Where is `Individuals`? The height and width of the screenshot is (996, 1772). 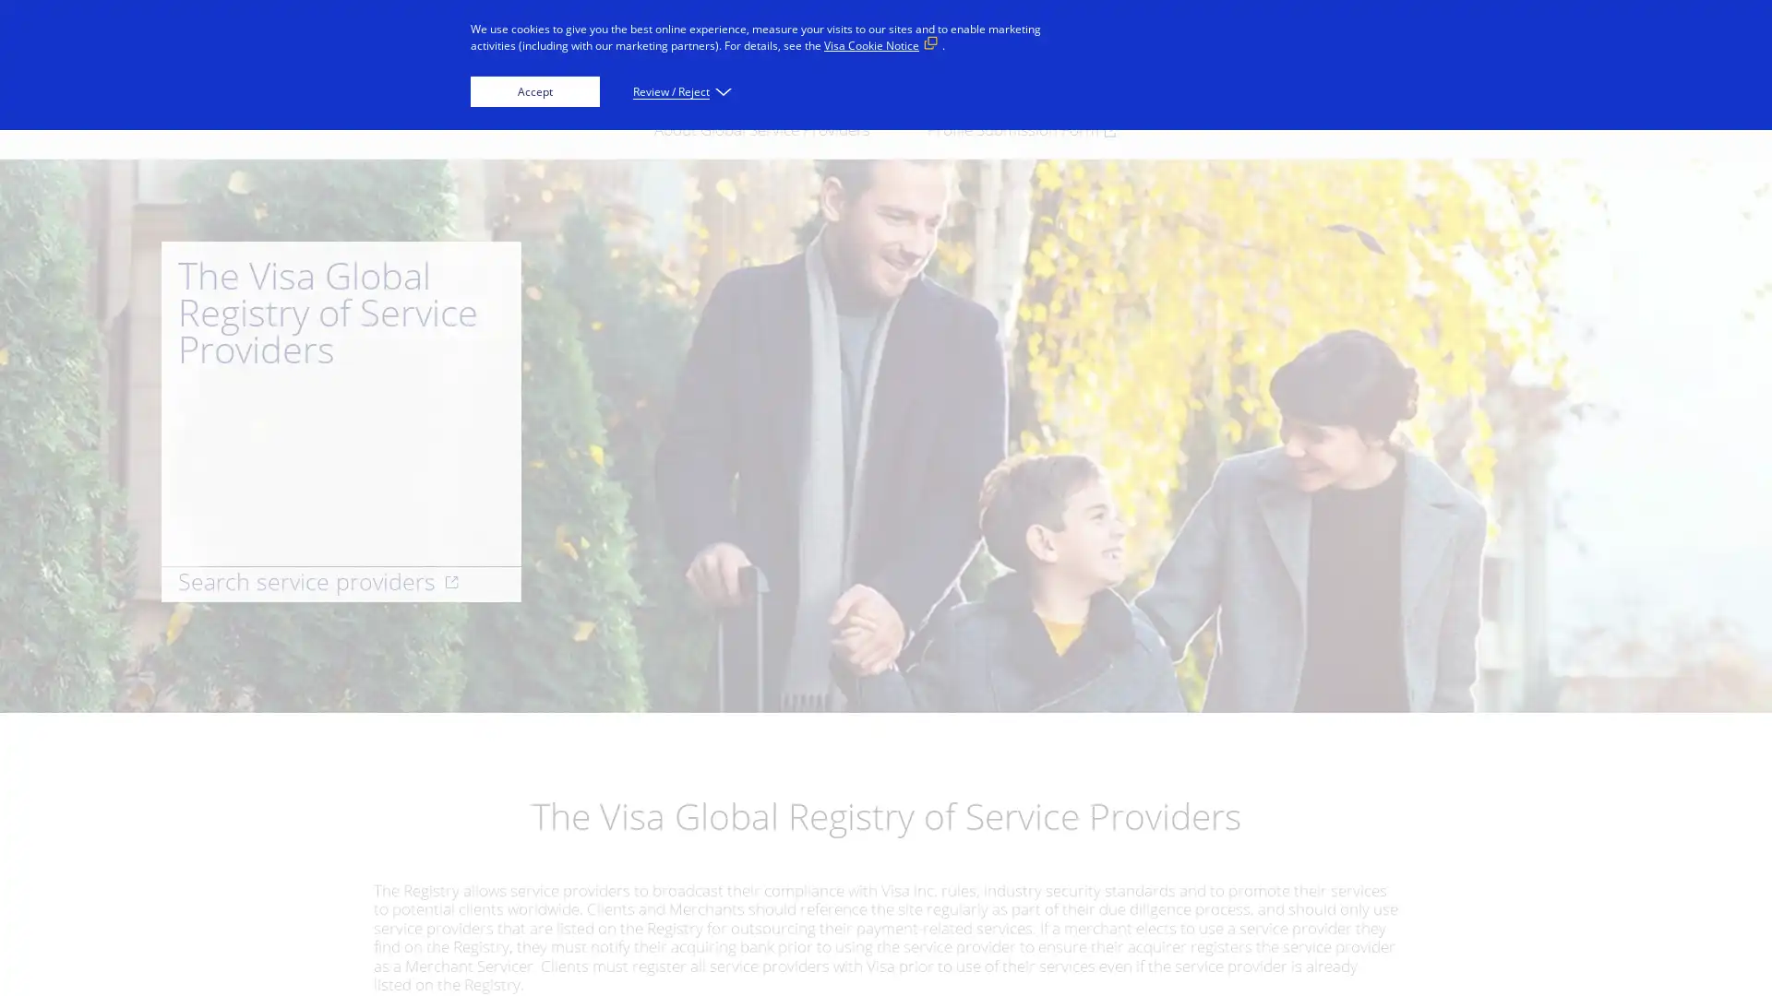
Individuals is located at coordinates (735, 49).